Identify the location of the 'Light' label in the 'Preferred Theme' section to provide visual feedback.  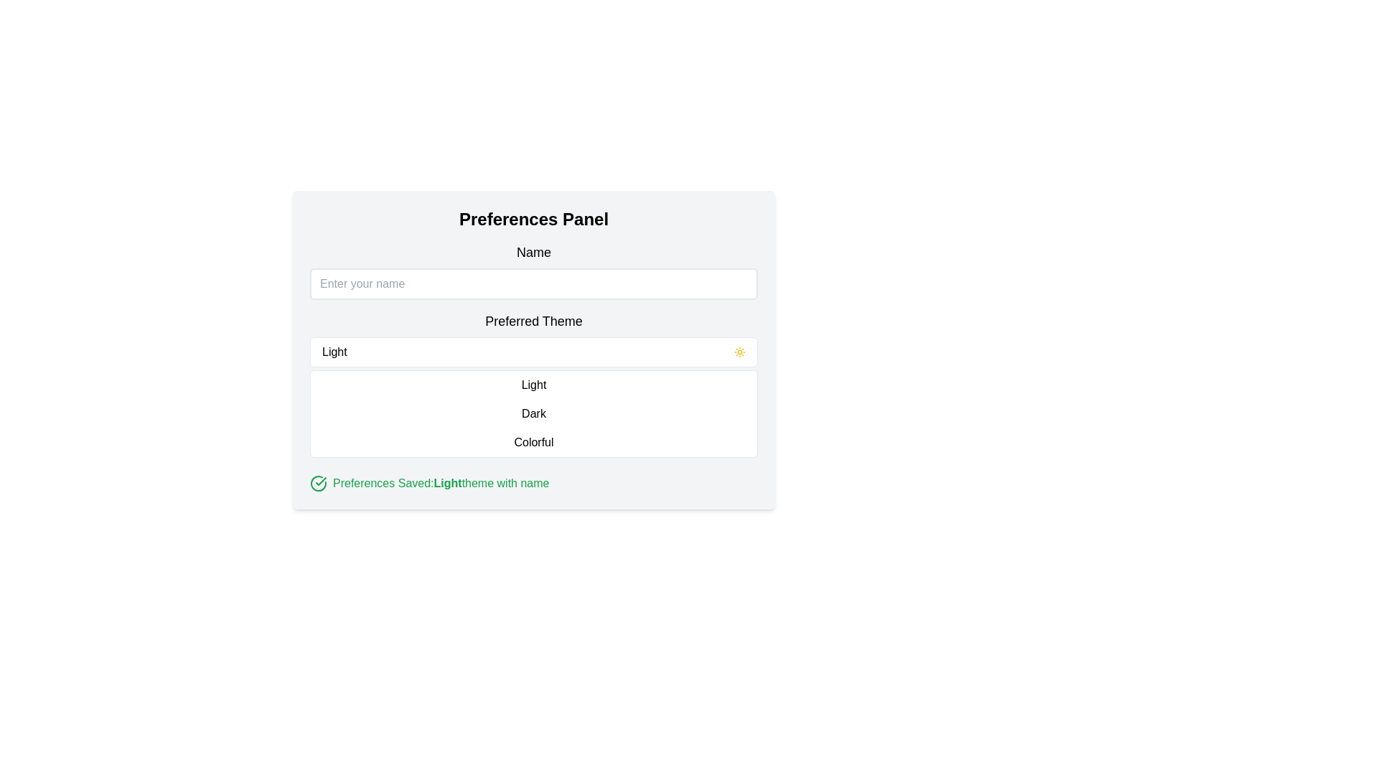
(533, 384).